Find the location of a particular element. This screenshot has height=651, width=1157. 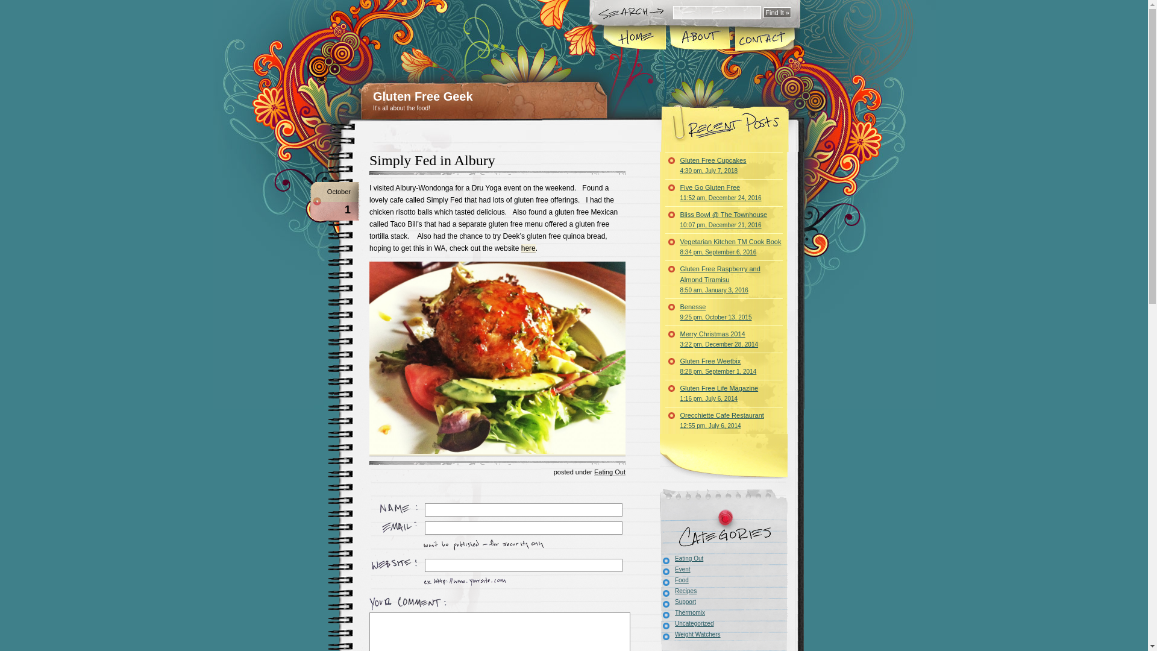

'Eating Out' is located at coordinates (610, 471).